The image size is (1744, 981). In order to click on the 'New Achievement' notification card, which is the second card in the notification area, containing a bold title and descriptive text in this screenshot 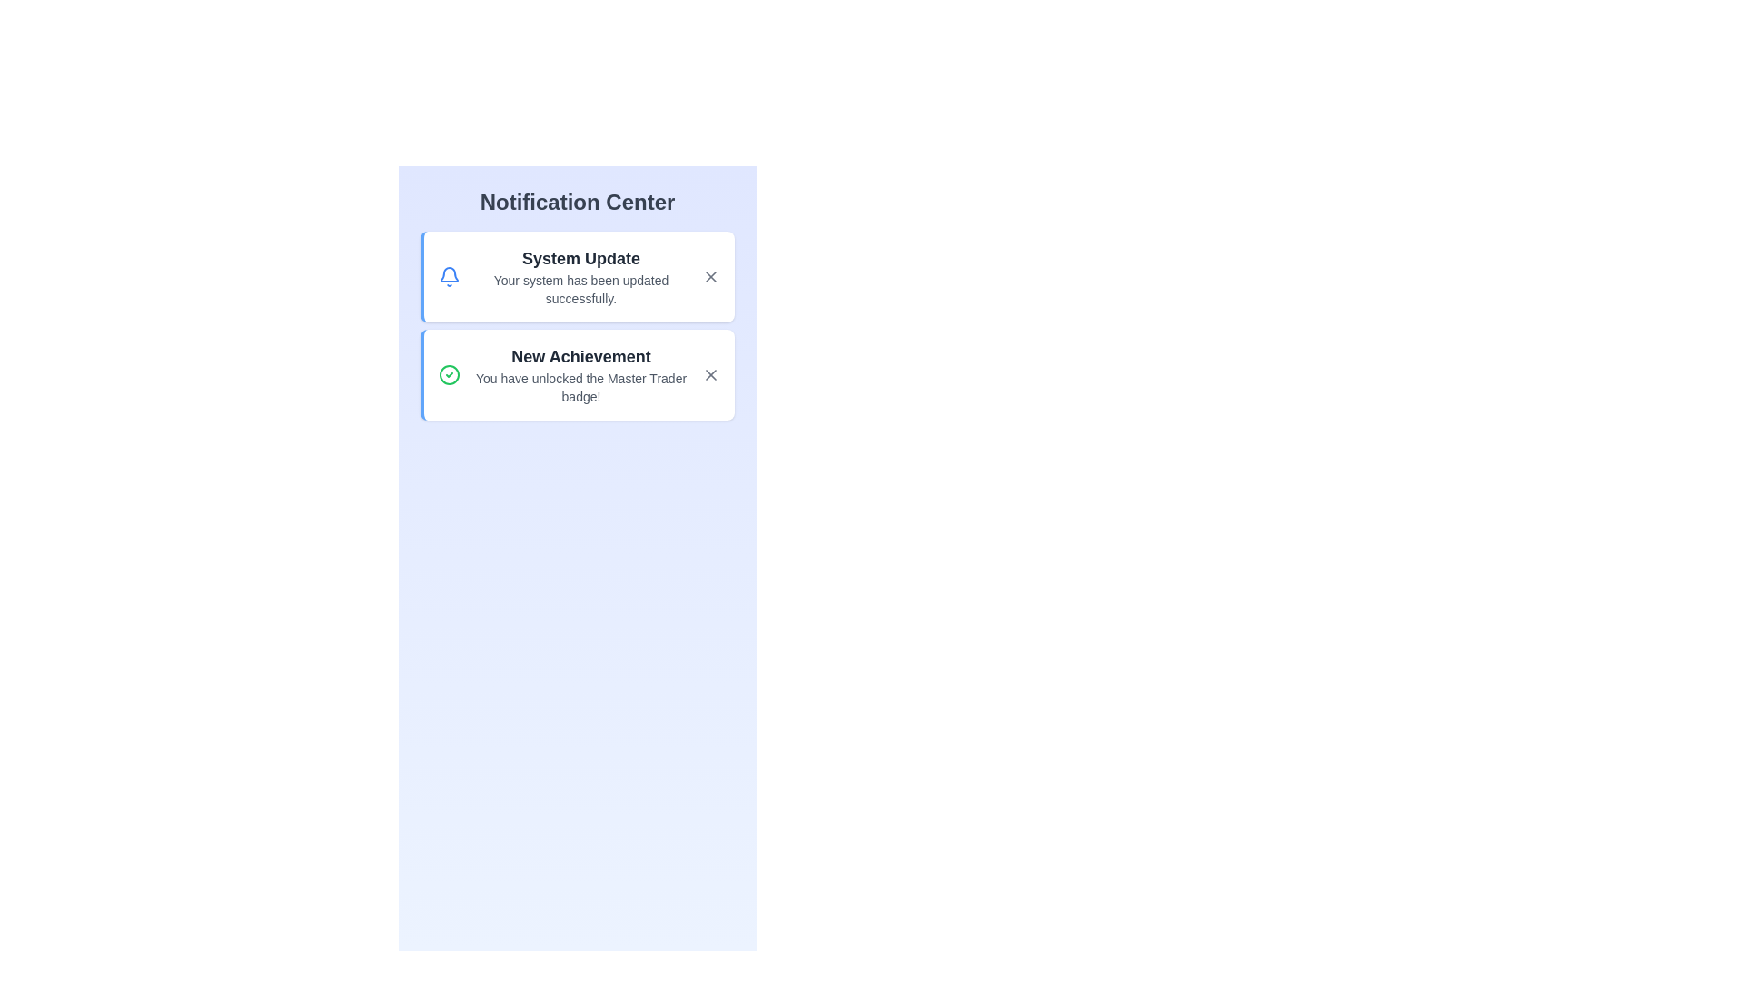, I will do `click(576, 373)`.